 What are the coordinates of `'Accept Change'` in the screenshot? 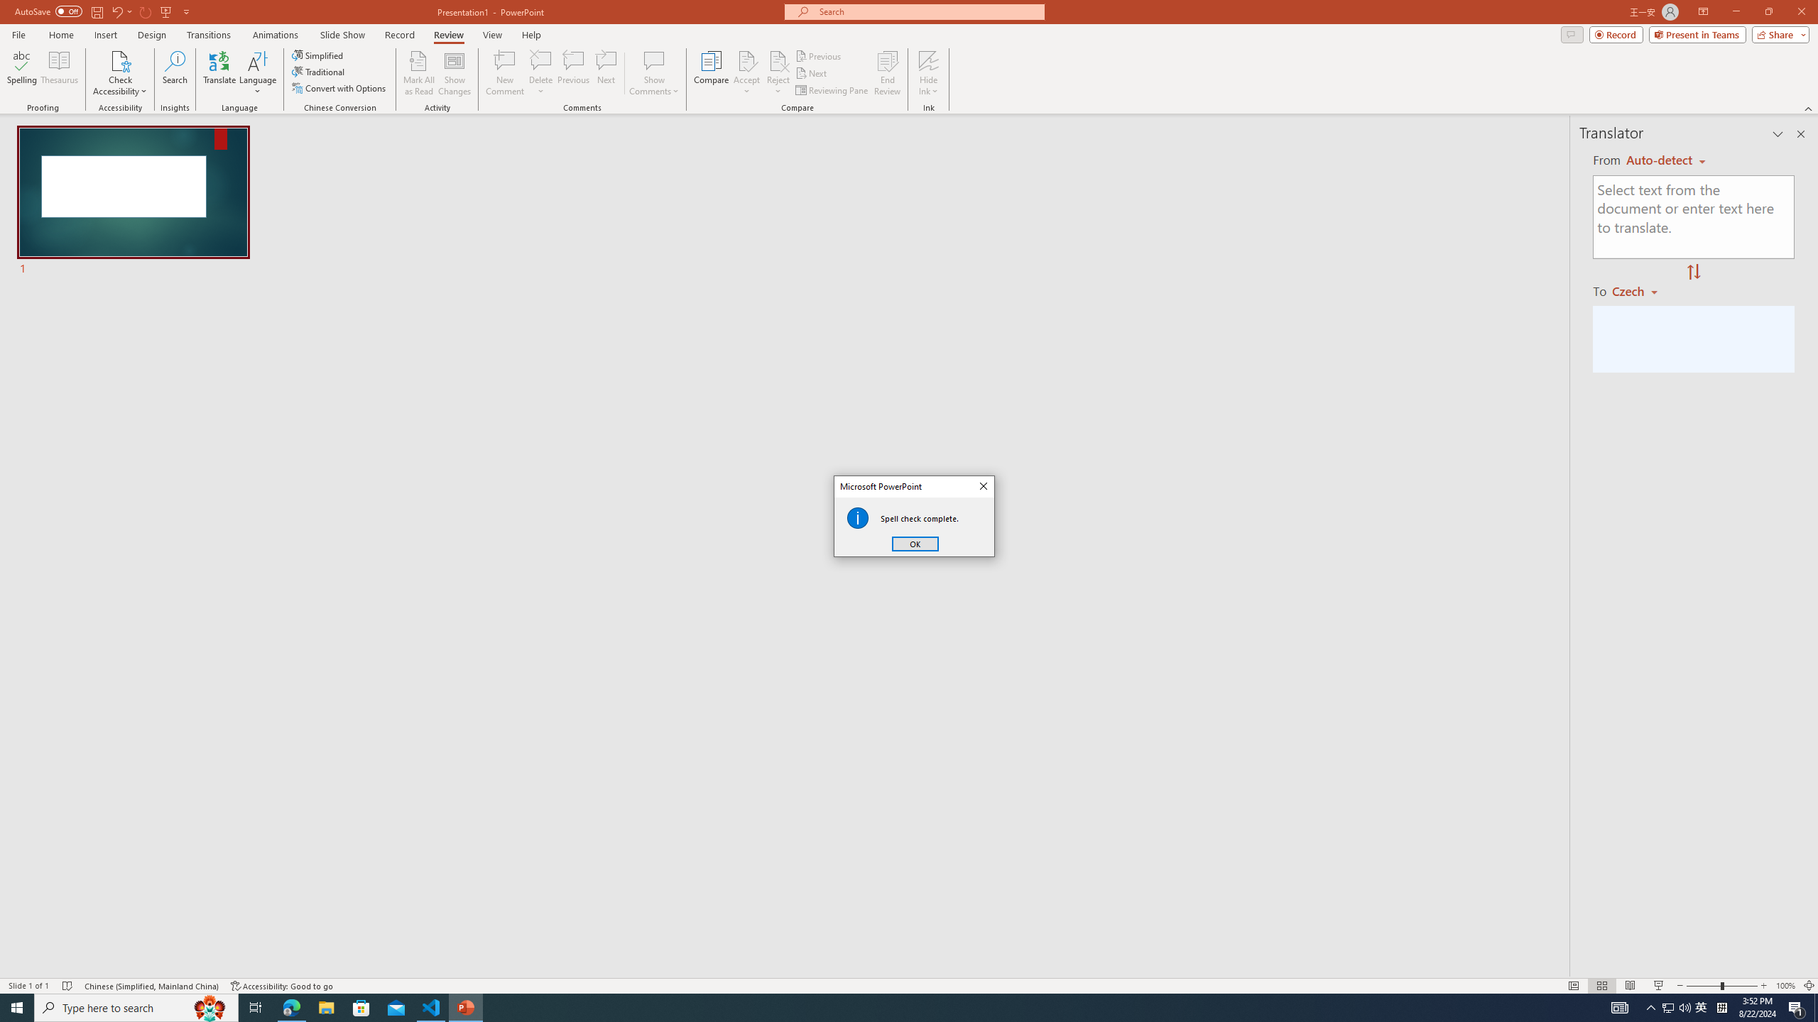 It's located at (746, 60).